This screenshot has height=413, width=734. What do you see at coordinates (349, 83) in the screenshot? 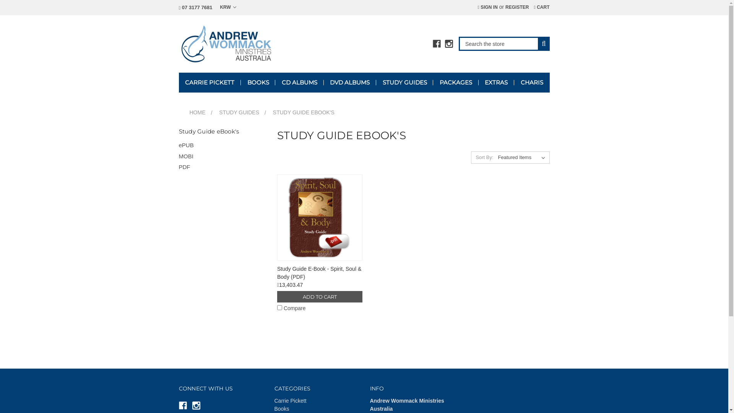
I see `'DVD ALBUMS'` at bounding box center [349, 83].